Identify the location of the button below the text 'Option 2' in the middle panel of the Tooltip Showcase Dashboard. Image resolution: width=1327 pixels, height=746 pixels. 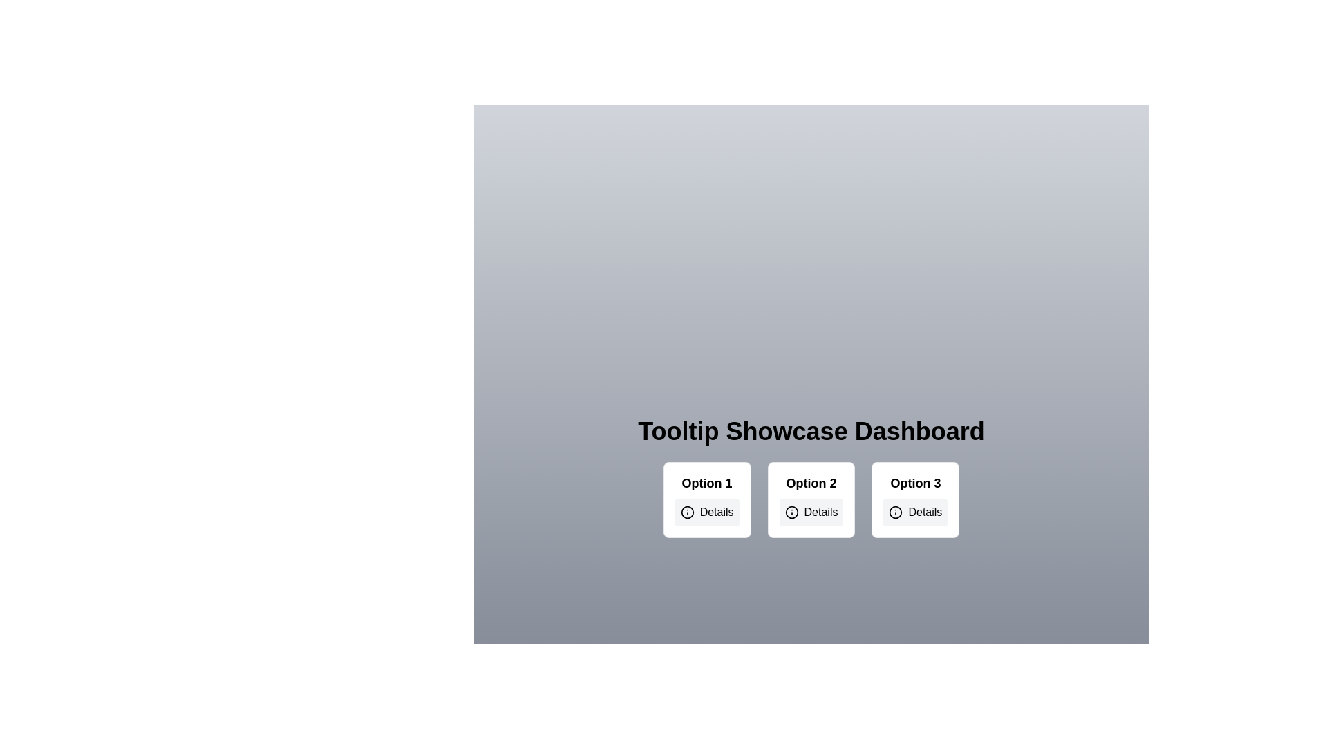
(811, 512).